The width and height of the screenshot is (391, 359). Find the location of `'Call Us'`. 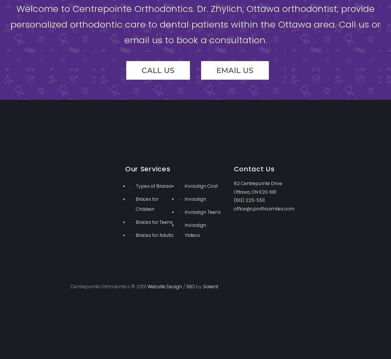

'Call Us' is located at coordinates (158, 69).